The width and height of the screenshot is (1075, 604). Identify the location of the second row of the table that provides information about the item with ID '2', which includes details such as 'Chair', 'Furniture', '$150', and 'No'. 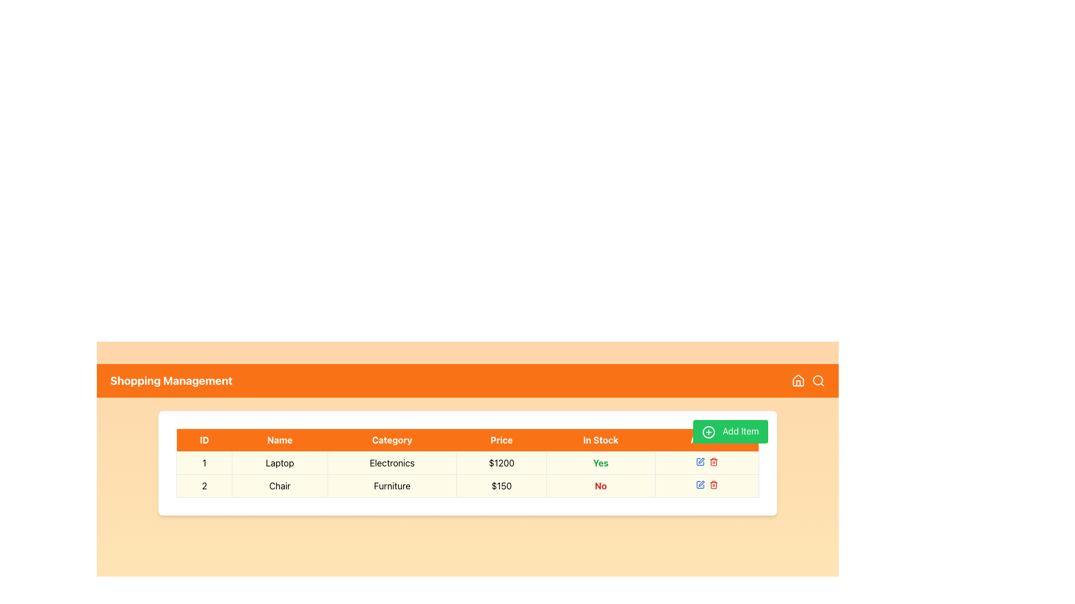
(468, 485).